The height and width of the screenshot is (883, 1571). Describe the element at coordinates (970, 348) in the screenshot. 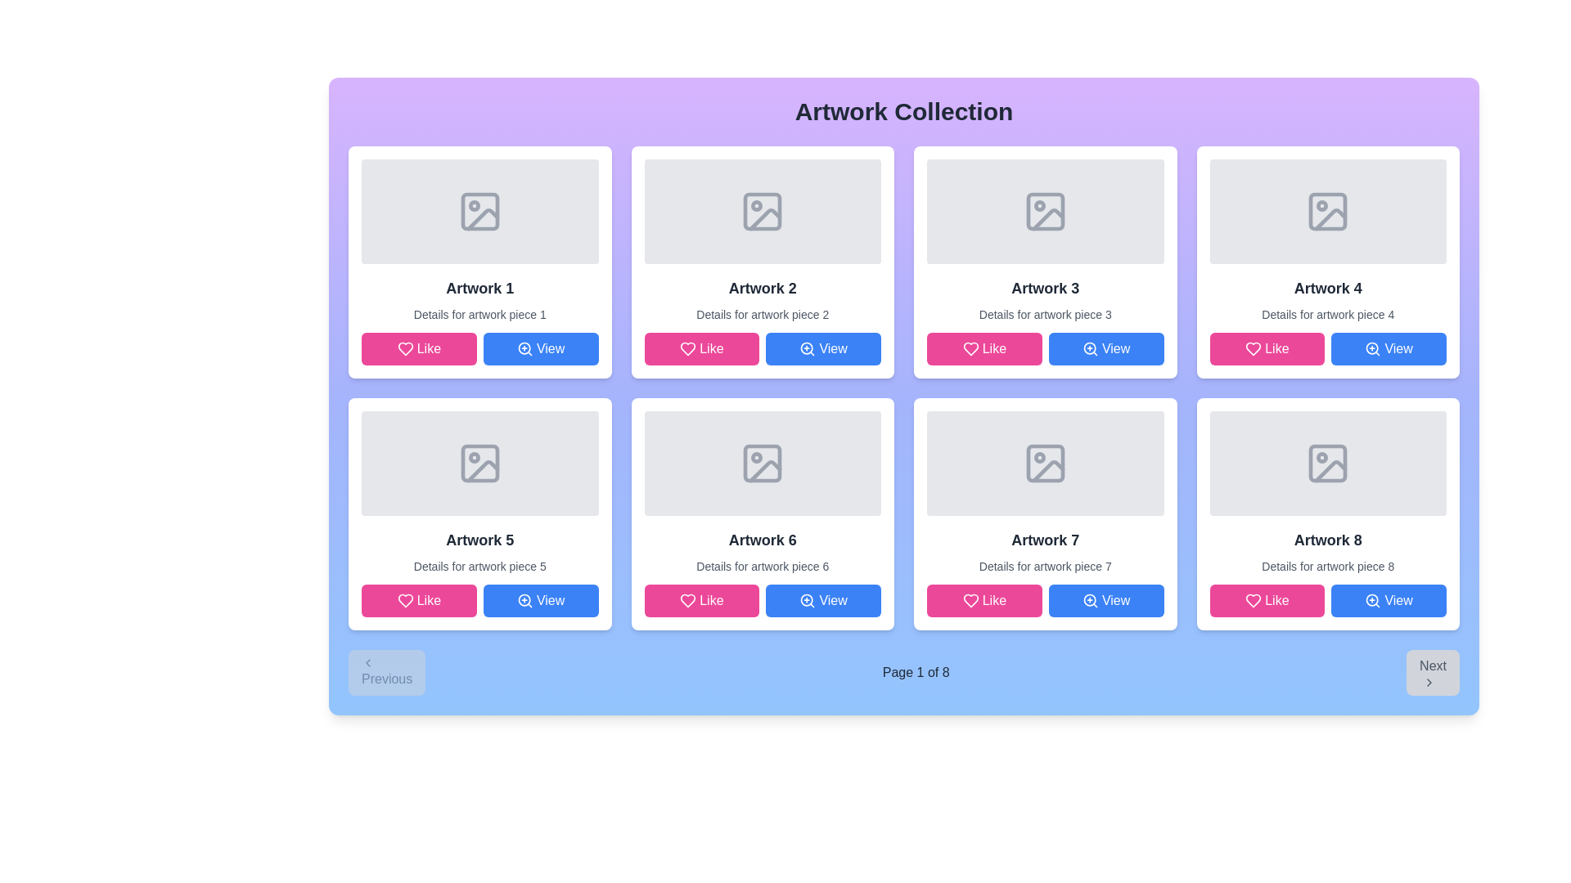

I see `the heart-shaped 'Like' icon with a pink outline located to the left of the 'Like' text within the pink button in the first row, third column of the interface grid layout` at that location.